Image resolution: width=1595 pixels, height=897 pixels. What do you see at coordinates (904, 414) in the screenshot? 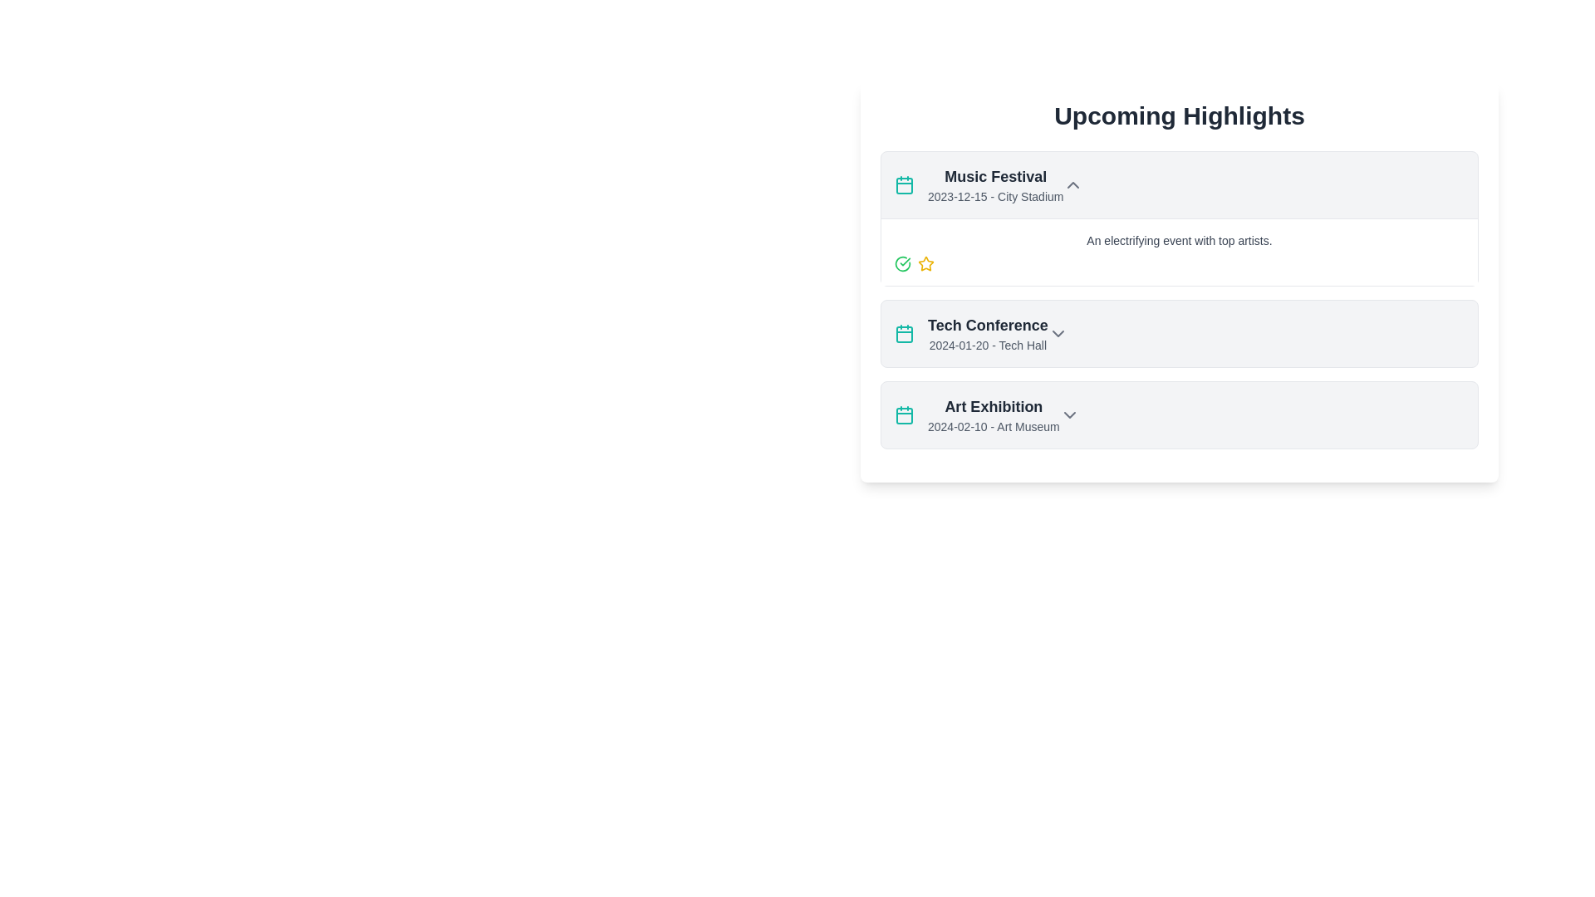
I see `the icon representing date-related information for the 'Art Exhibition', positioned as the leftmost element before the text 'Art Exhibition'` at bounding box center [904, 414].